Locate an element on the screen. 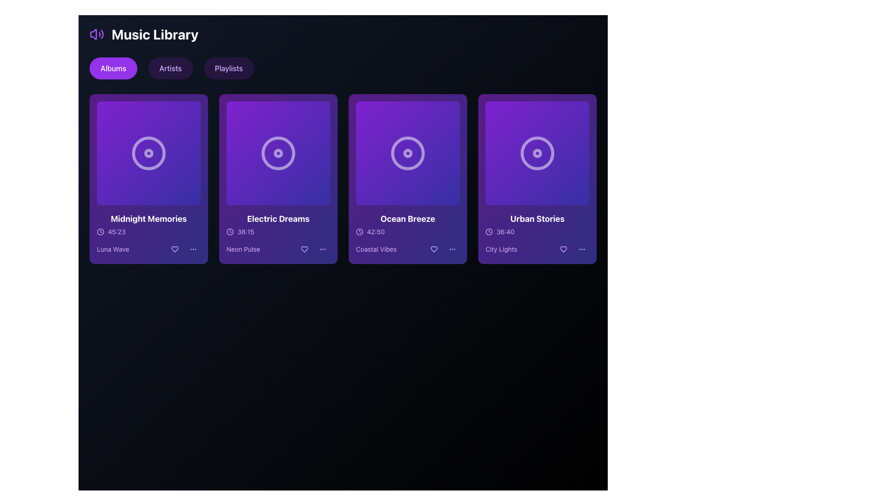 The width and height of the screenshot is (882, 496). the text label that conveys the duration of the album or track displayed in the card, located below the album title 'Midnight Memories' and to the left of a small clock icon is located at coordinates (116, 231).